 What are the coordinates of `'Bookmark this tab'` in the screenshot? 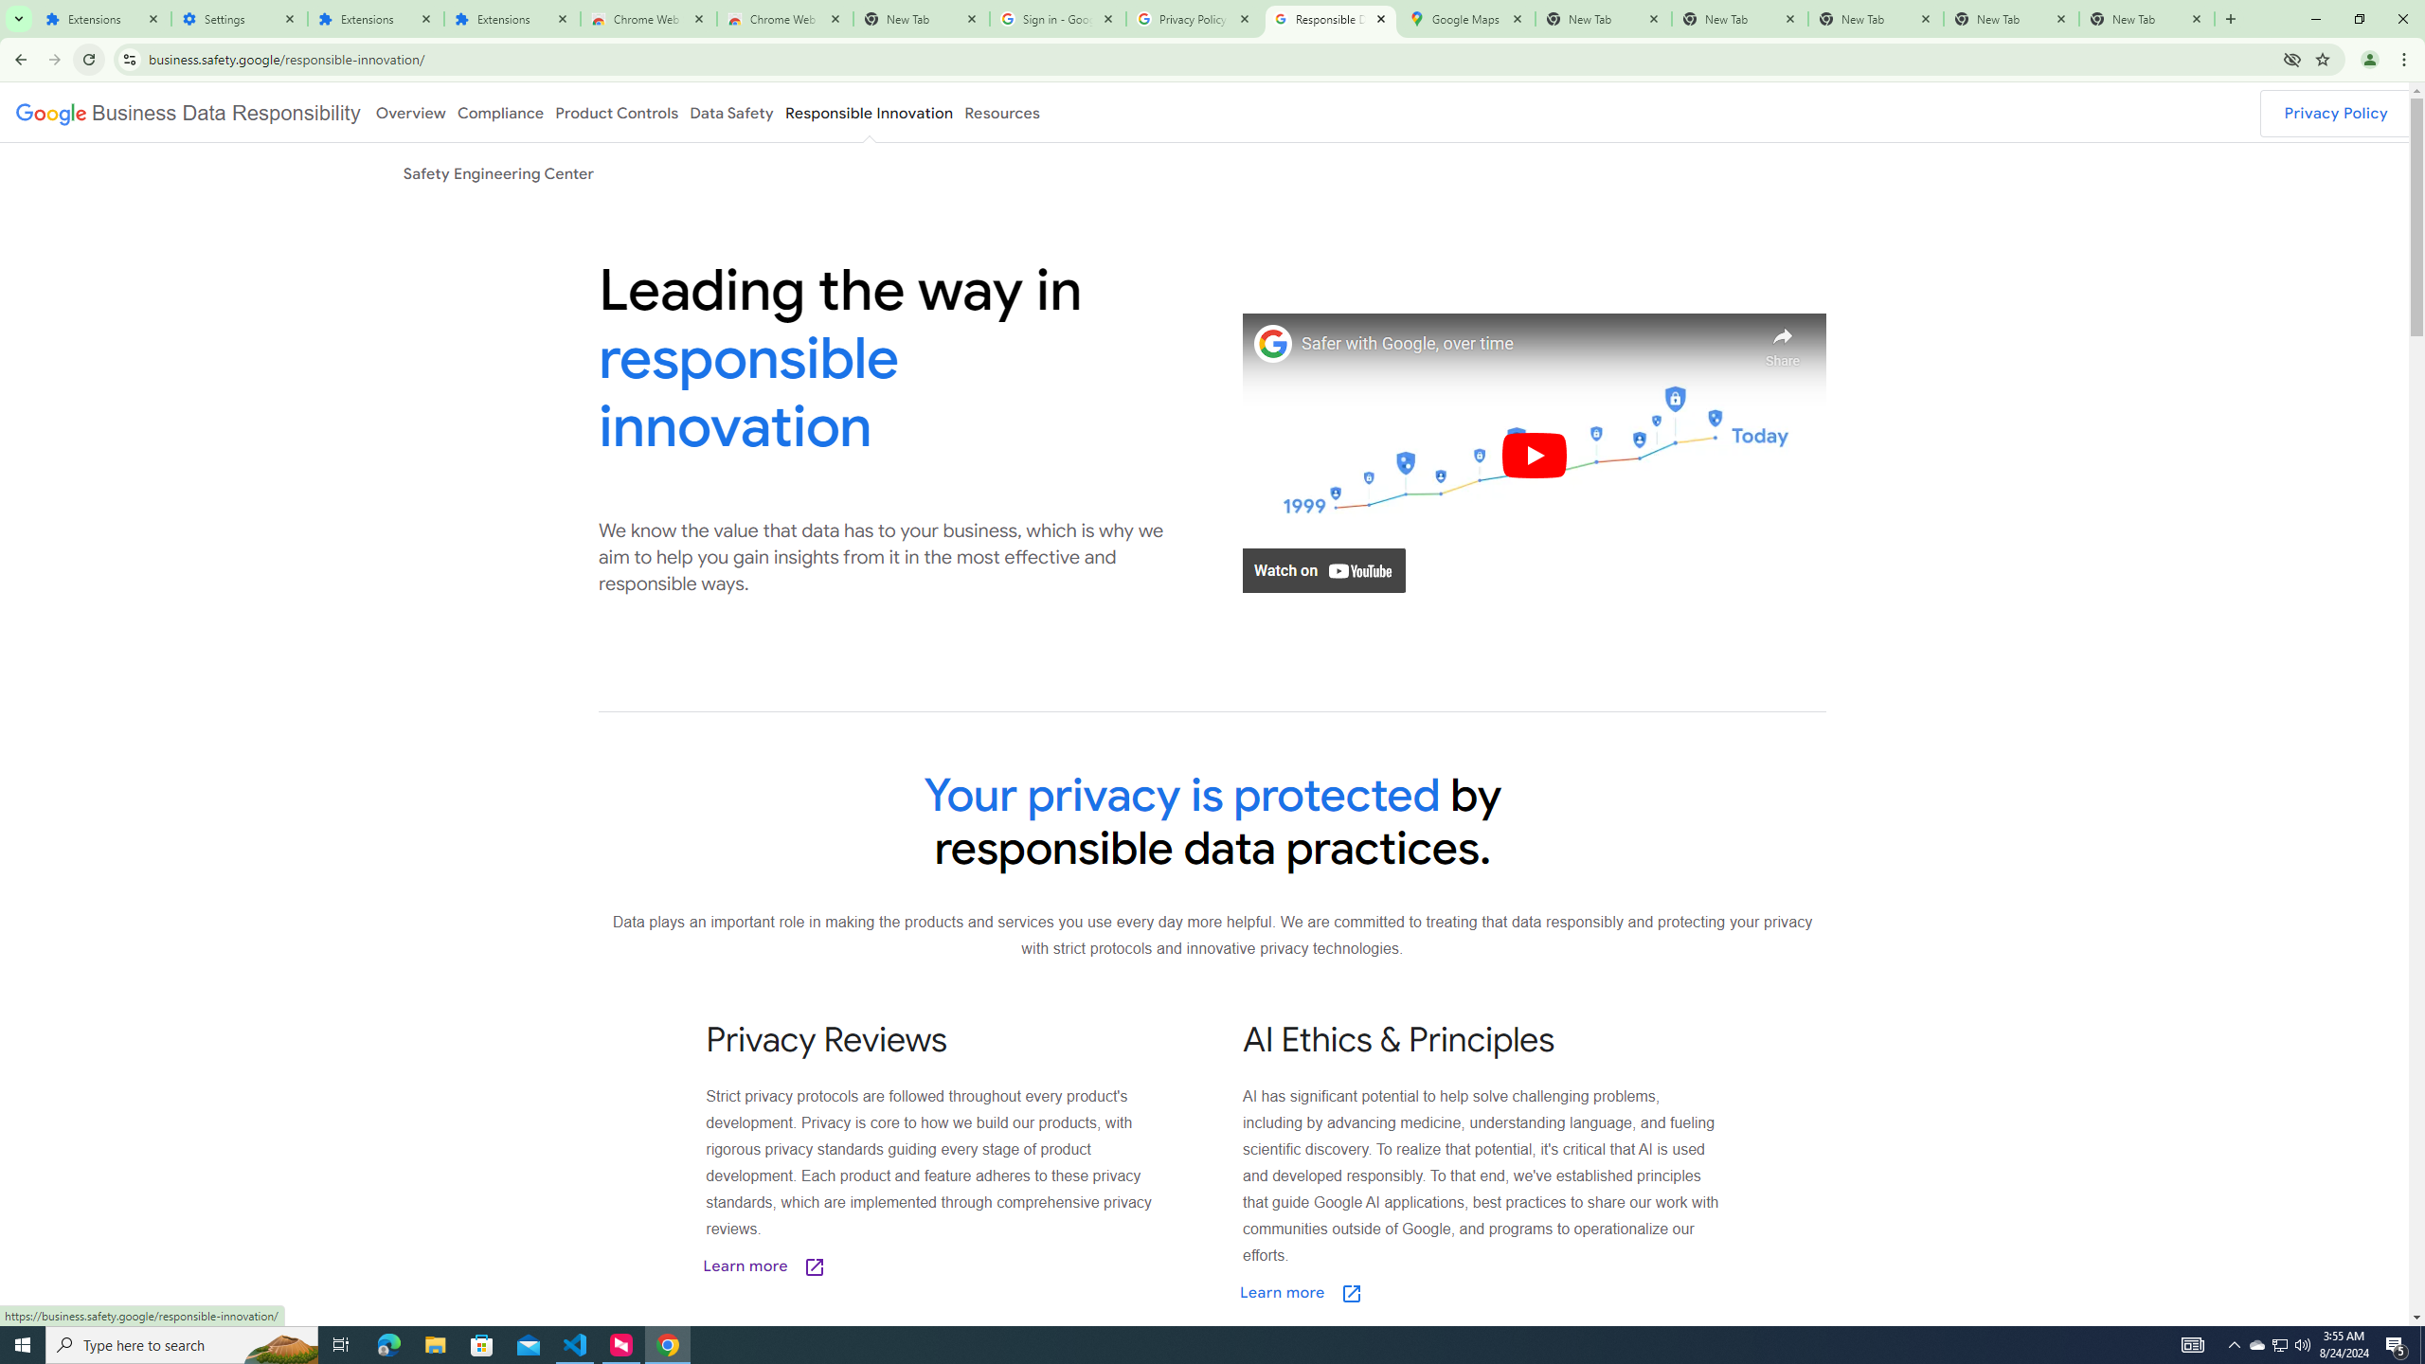 It's located at (2321, 58).